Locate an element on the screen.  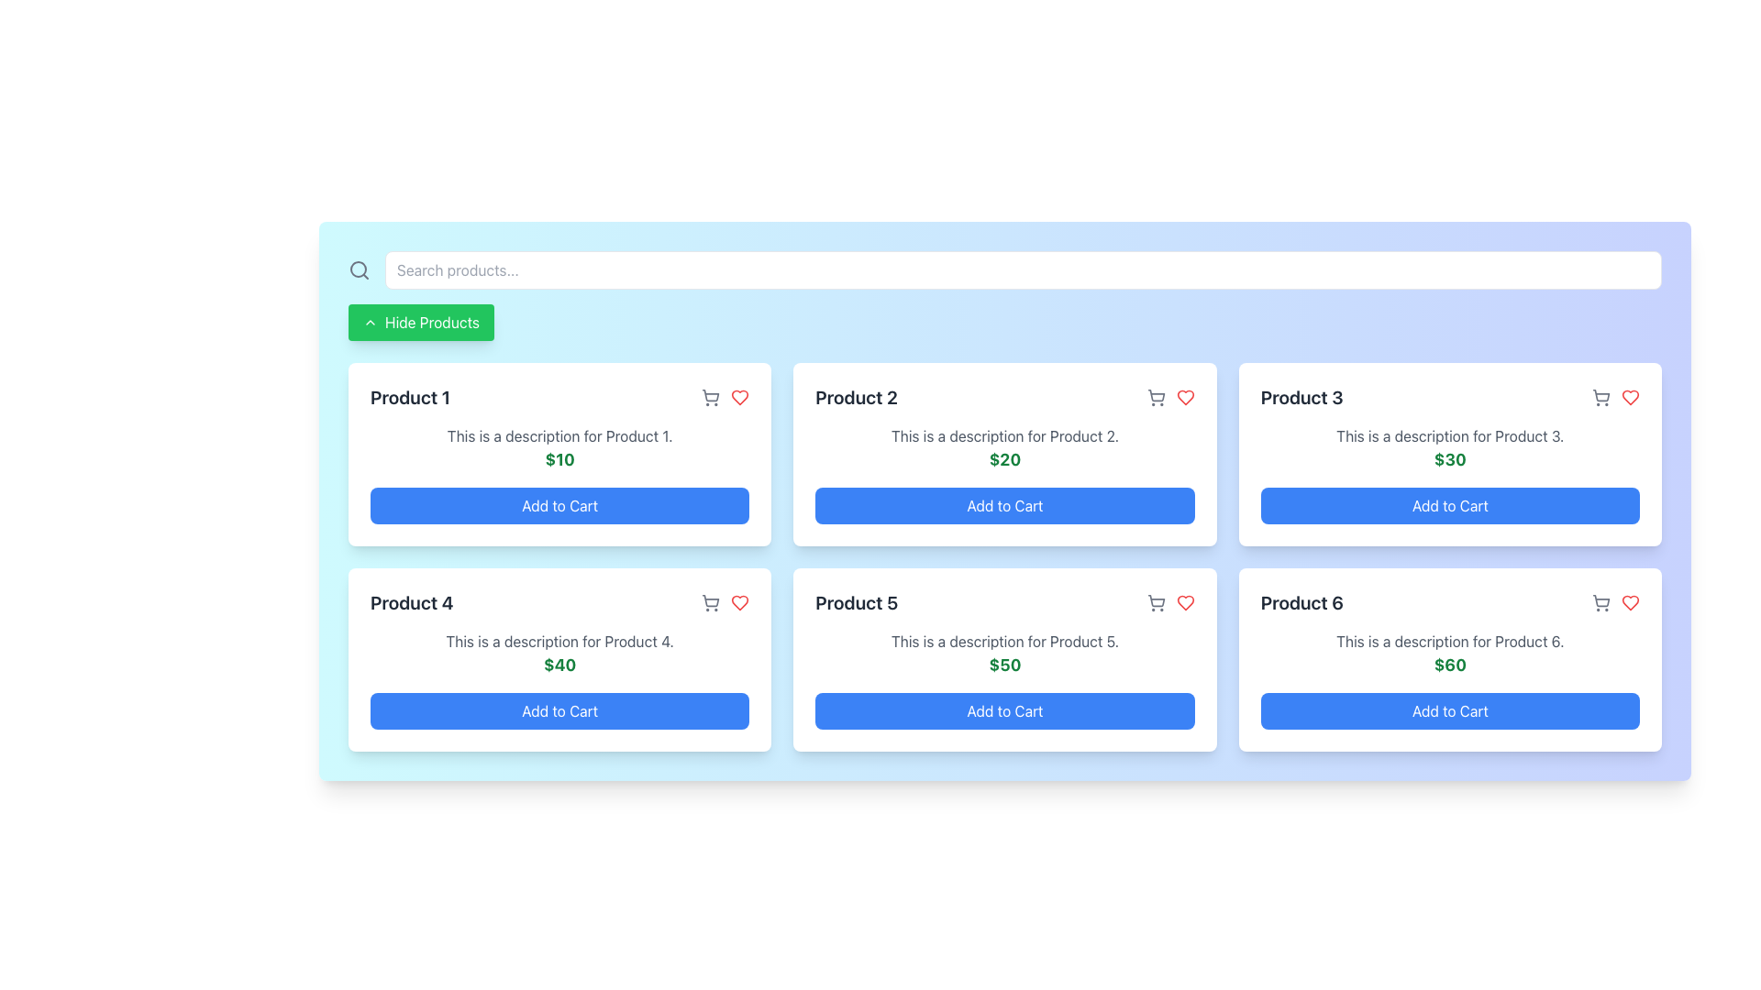
the heart icon in the second column of icons on the card for 'Product 6' is located at coordinates (1630, 603).